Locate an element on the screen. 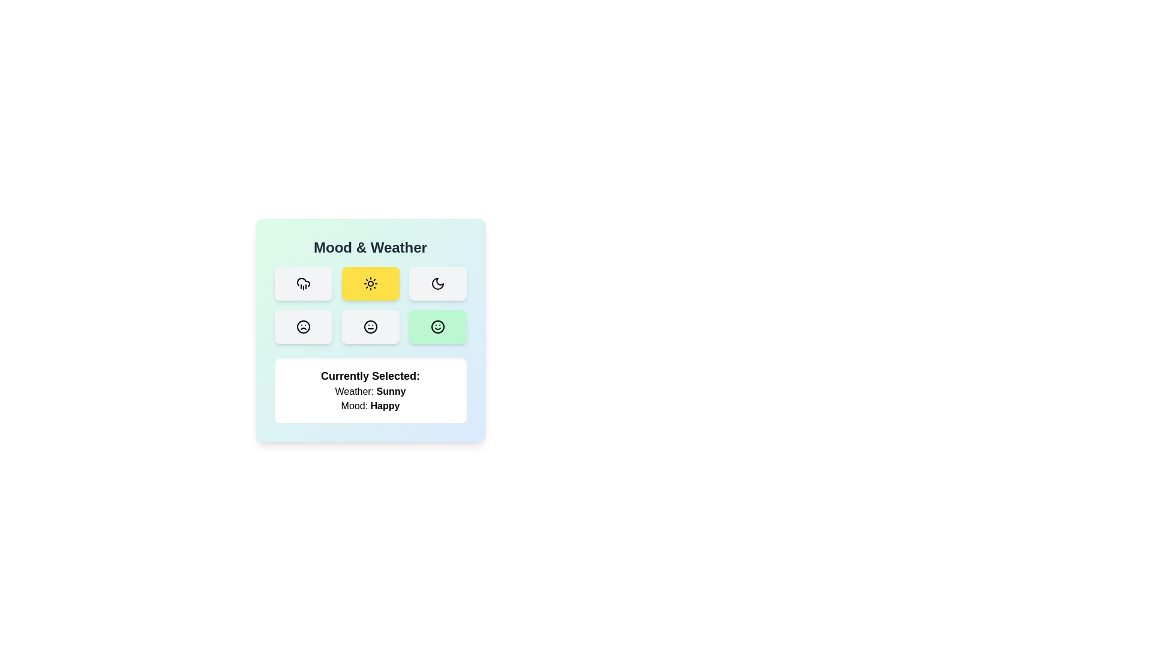 The width and height of the screenshot is (1152, 648). the 'neutral' mood button located in the lower left quadrant of the 'Mood & Weather' section is located at coordinates (370, 326).